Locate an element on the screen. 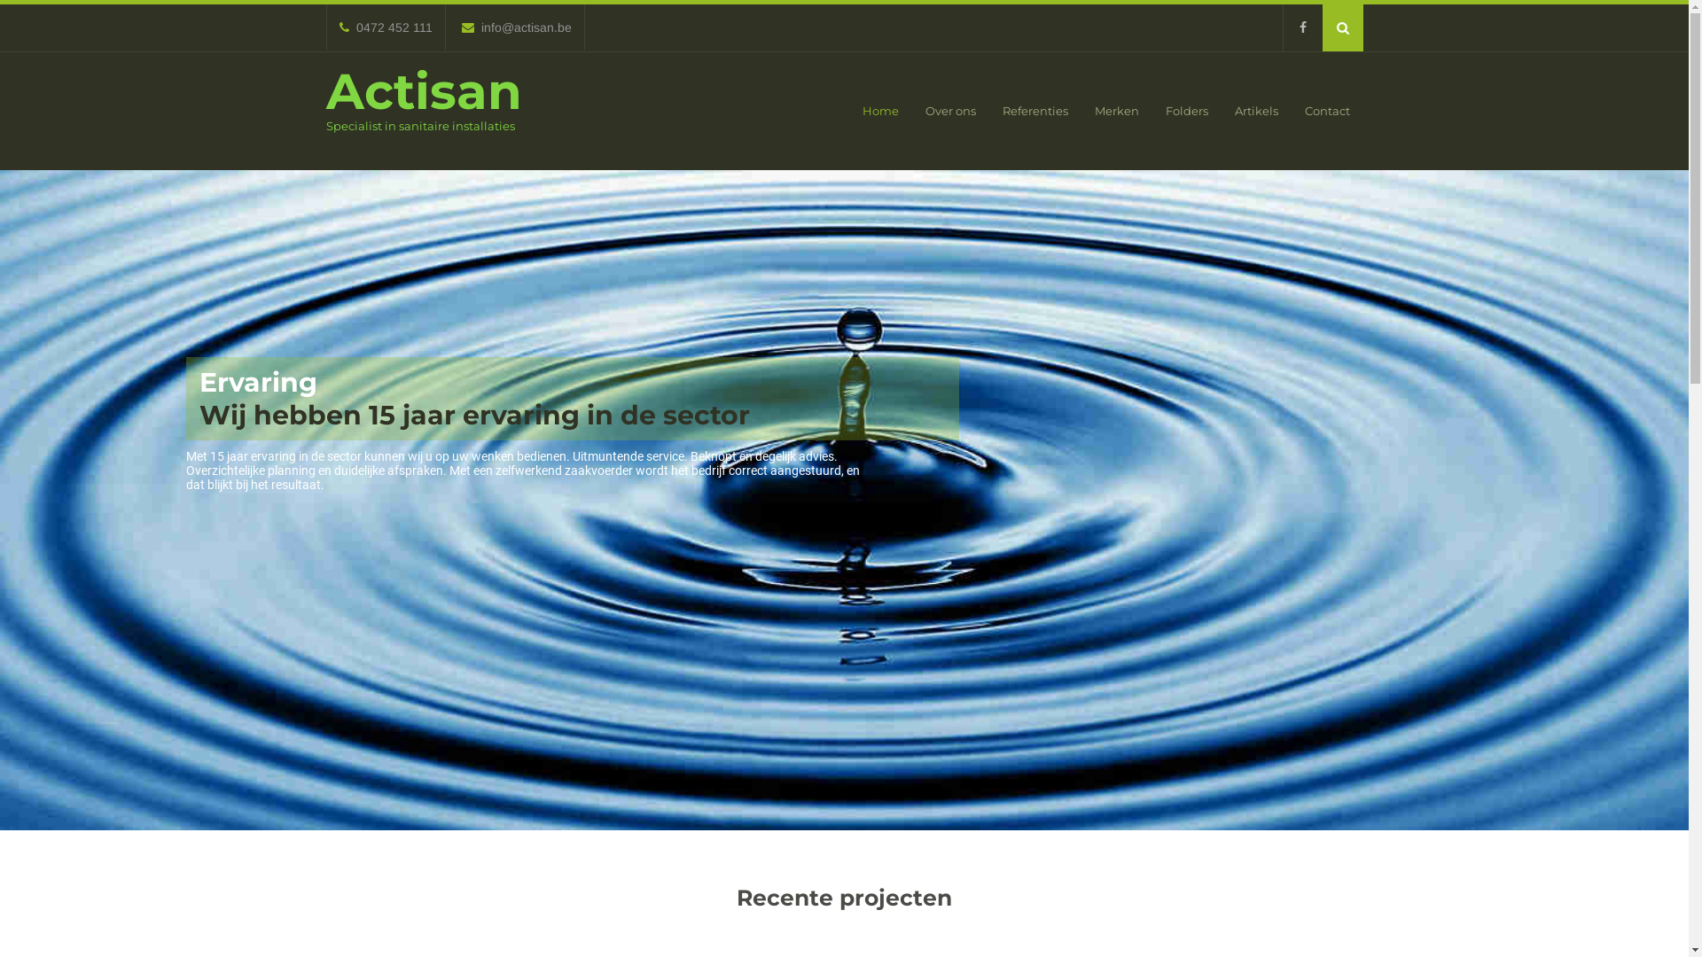 The width and height of the screenshot is (1702, 957). 'Folders' is located at coordinates (1187, 111).